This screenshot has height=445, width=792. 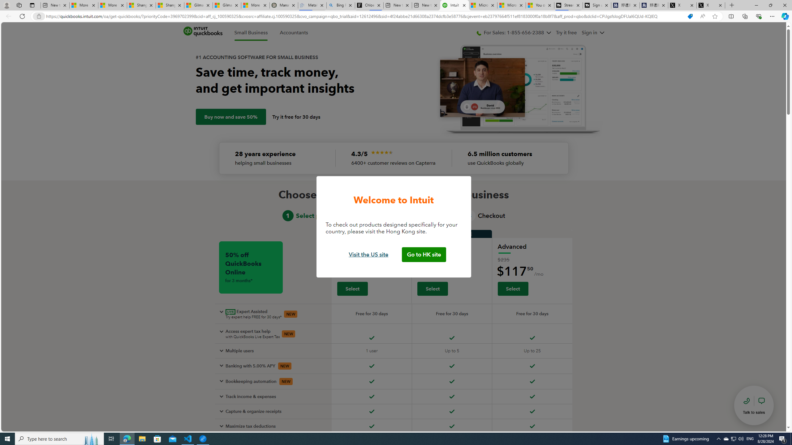 I want to click on 'Small Business', so click(x=251, y=33).